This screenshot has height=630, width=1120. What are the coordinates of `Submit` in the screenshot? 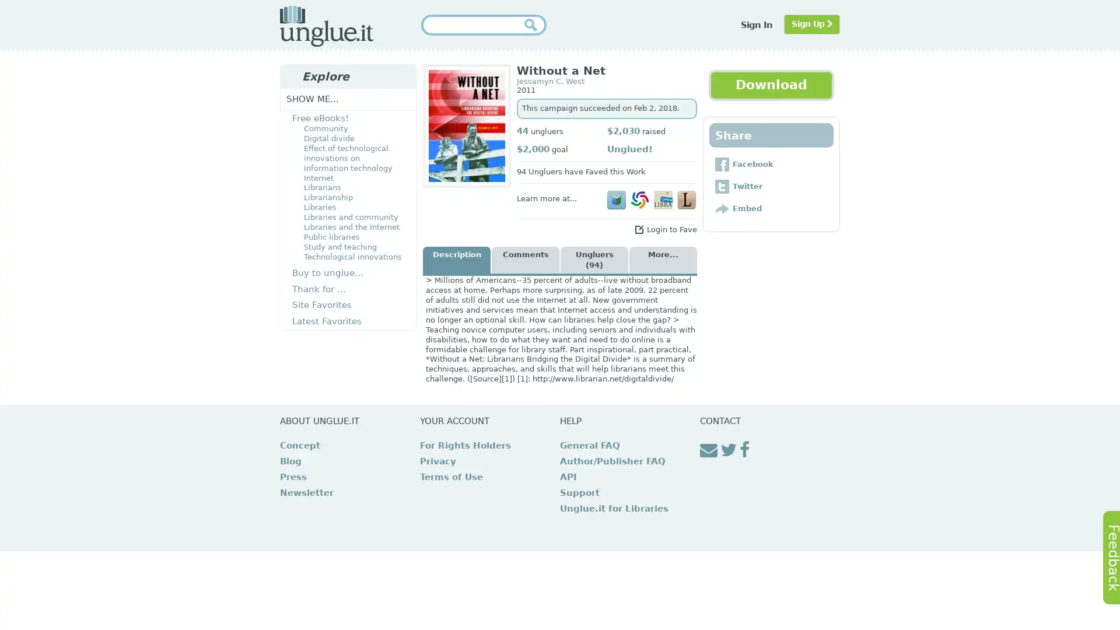 It's located at (534, 24).